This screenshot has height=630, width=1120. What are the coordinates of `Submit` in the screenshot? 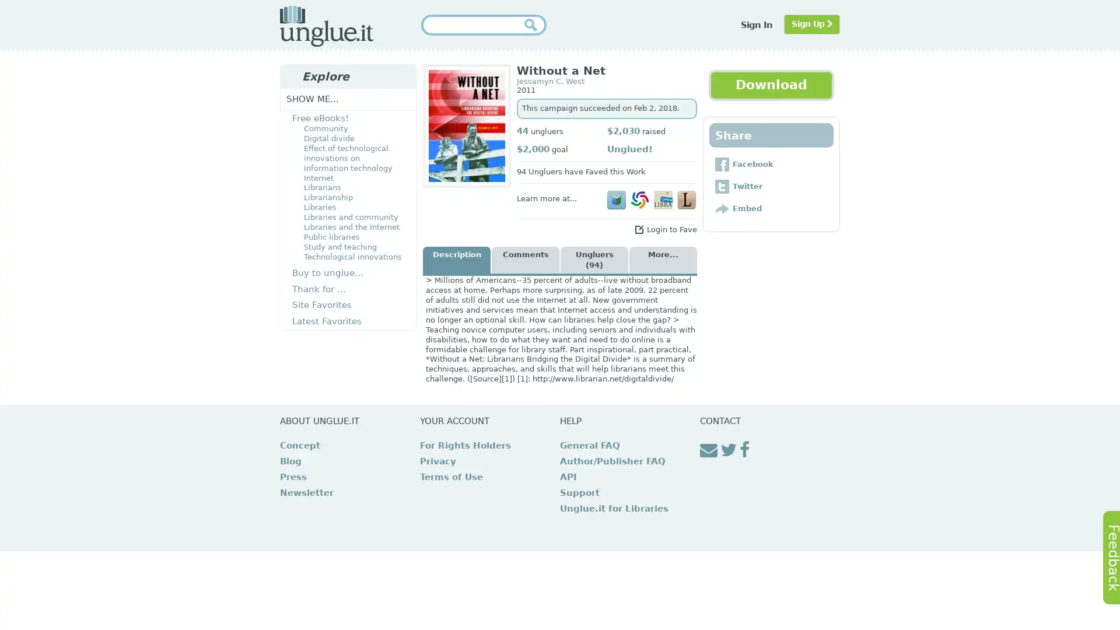 It's located at (534, 24).